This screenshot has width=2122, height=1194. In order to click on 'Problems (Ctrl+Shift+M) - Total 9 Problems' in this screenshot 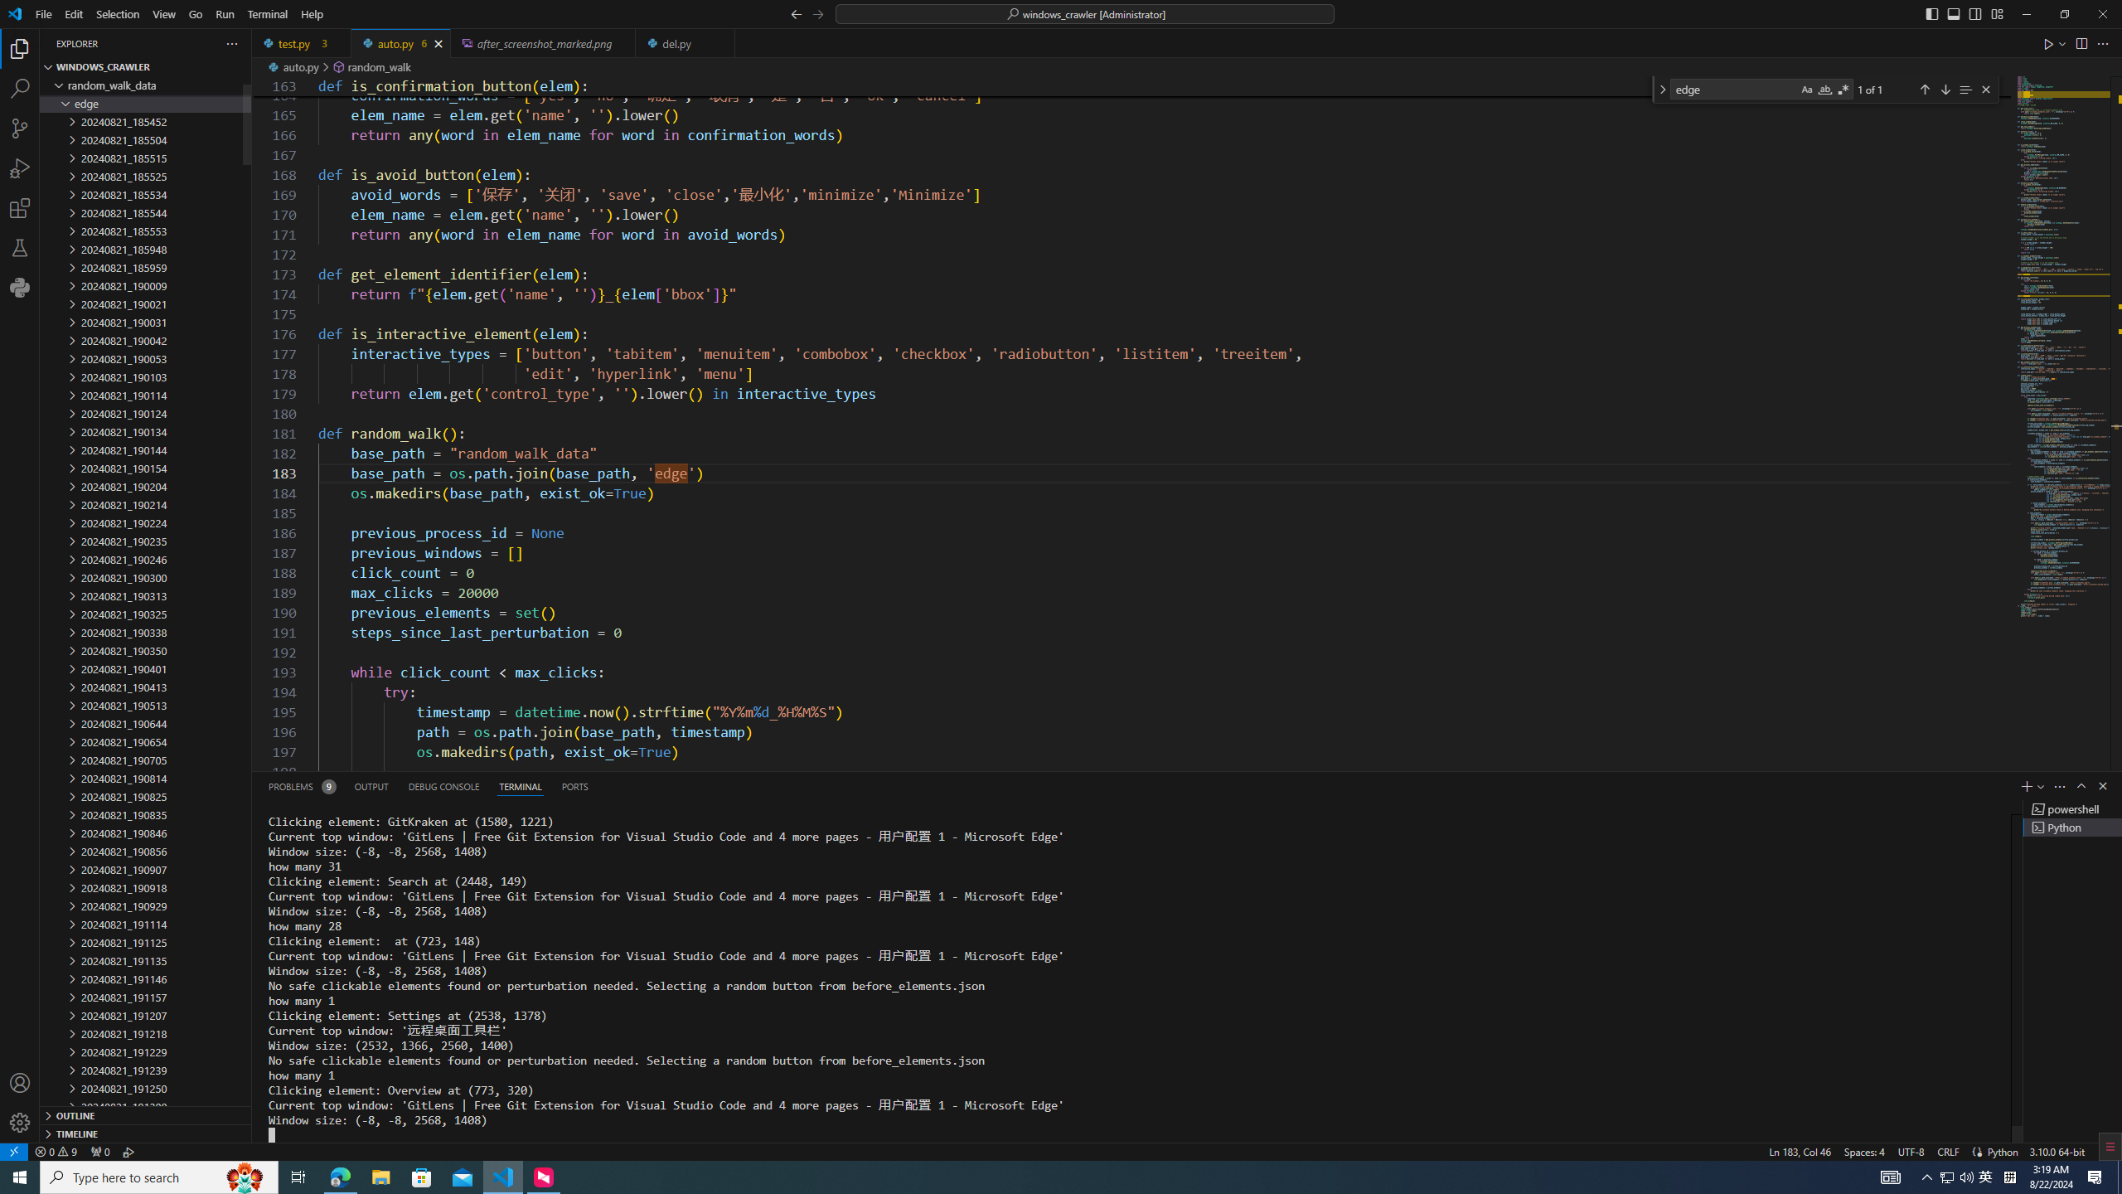, I will do `click(300, 785)`.